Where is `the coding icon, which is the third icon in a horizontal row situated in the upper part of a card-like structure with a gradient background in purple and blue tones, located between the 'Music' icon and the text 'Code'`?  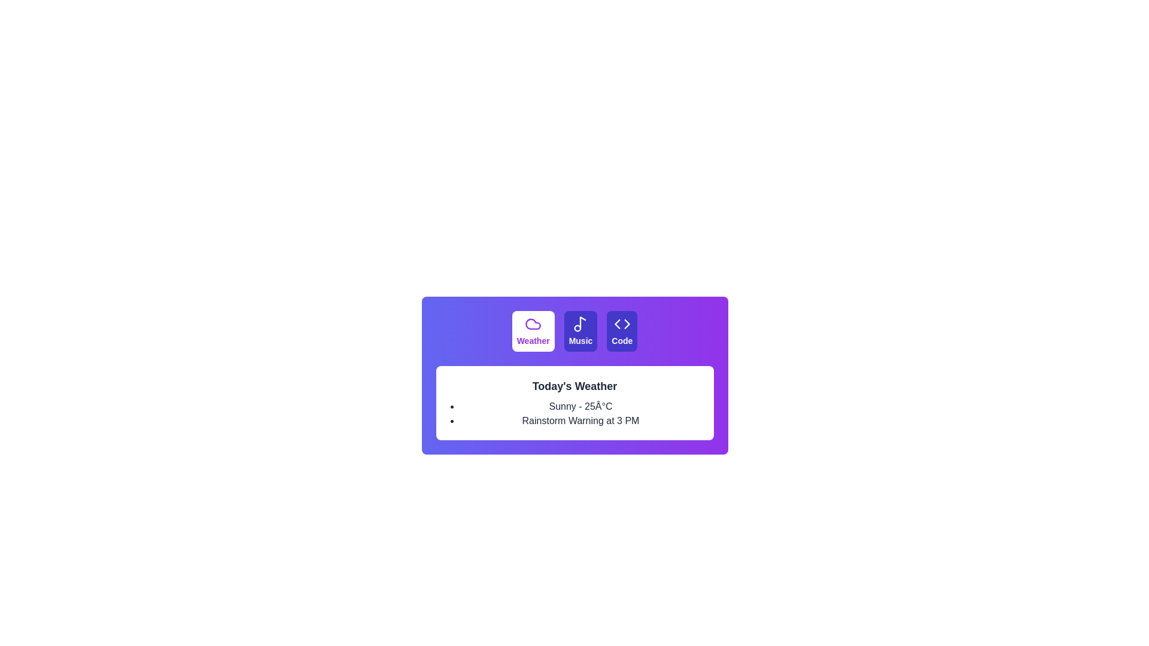
the coding icon, which is the third icon in a horizontal row situated in the upper part of a card-like structure with a gradient background in purple and blue tones, located between the 'Music' icon and the text 'Code' is located at coordinates (622, 324).